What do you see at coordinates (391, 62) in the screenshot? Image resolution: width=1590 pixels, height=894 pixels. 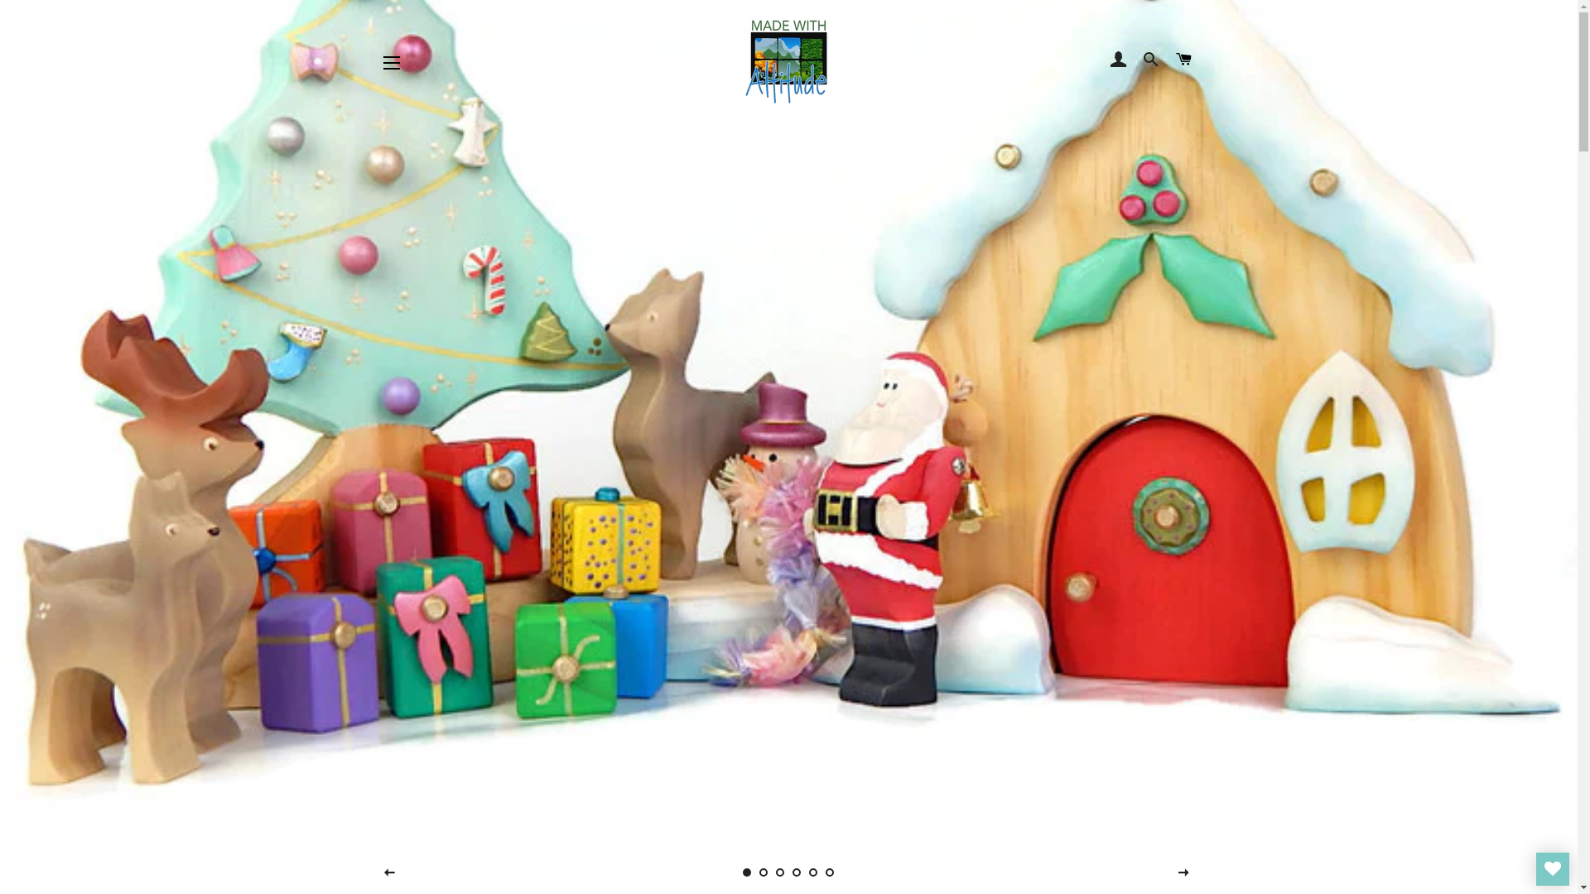 I see `'SITE NAVIGATION'` at bounding box center [391, 62].